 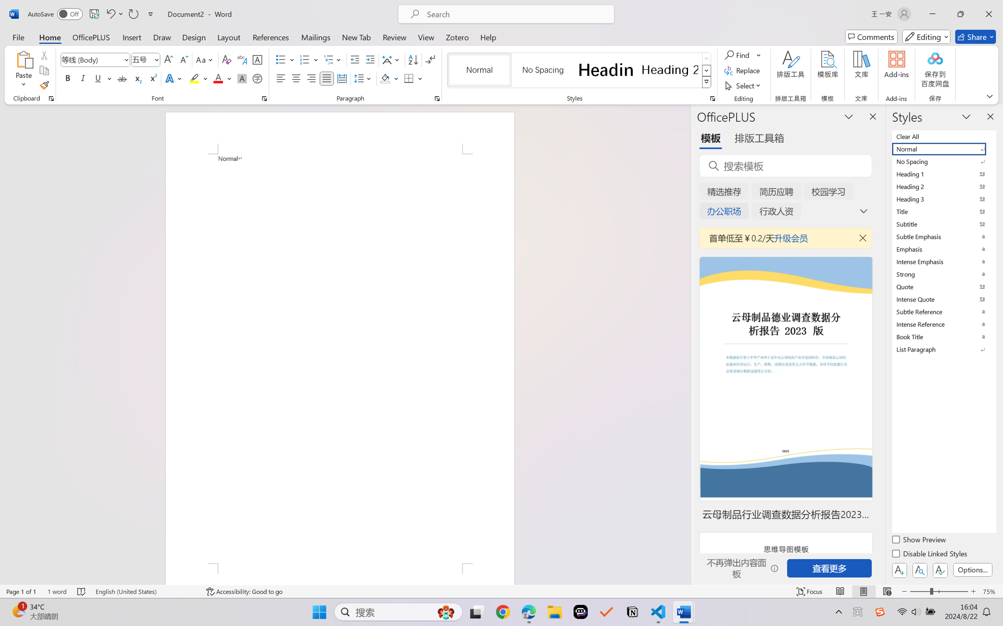 I want to click on 'Shading RGB(0, 0, 0)', so click(x=385, y=78).